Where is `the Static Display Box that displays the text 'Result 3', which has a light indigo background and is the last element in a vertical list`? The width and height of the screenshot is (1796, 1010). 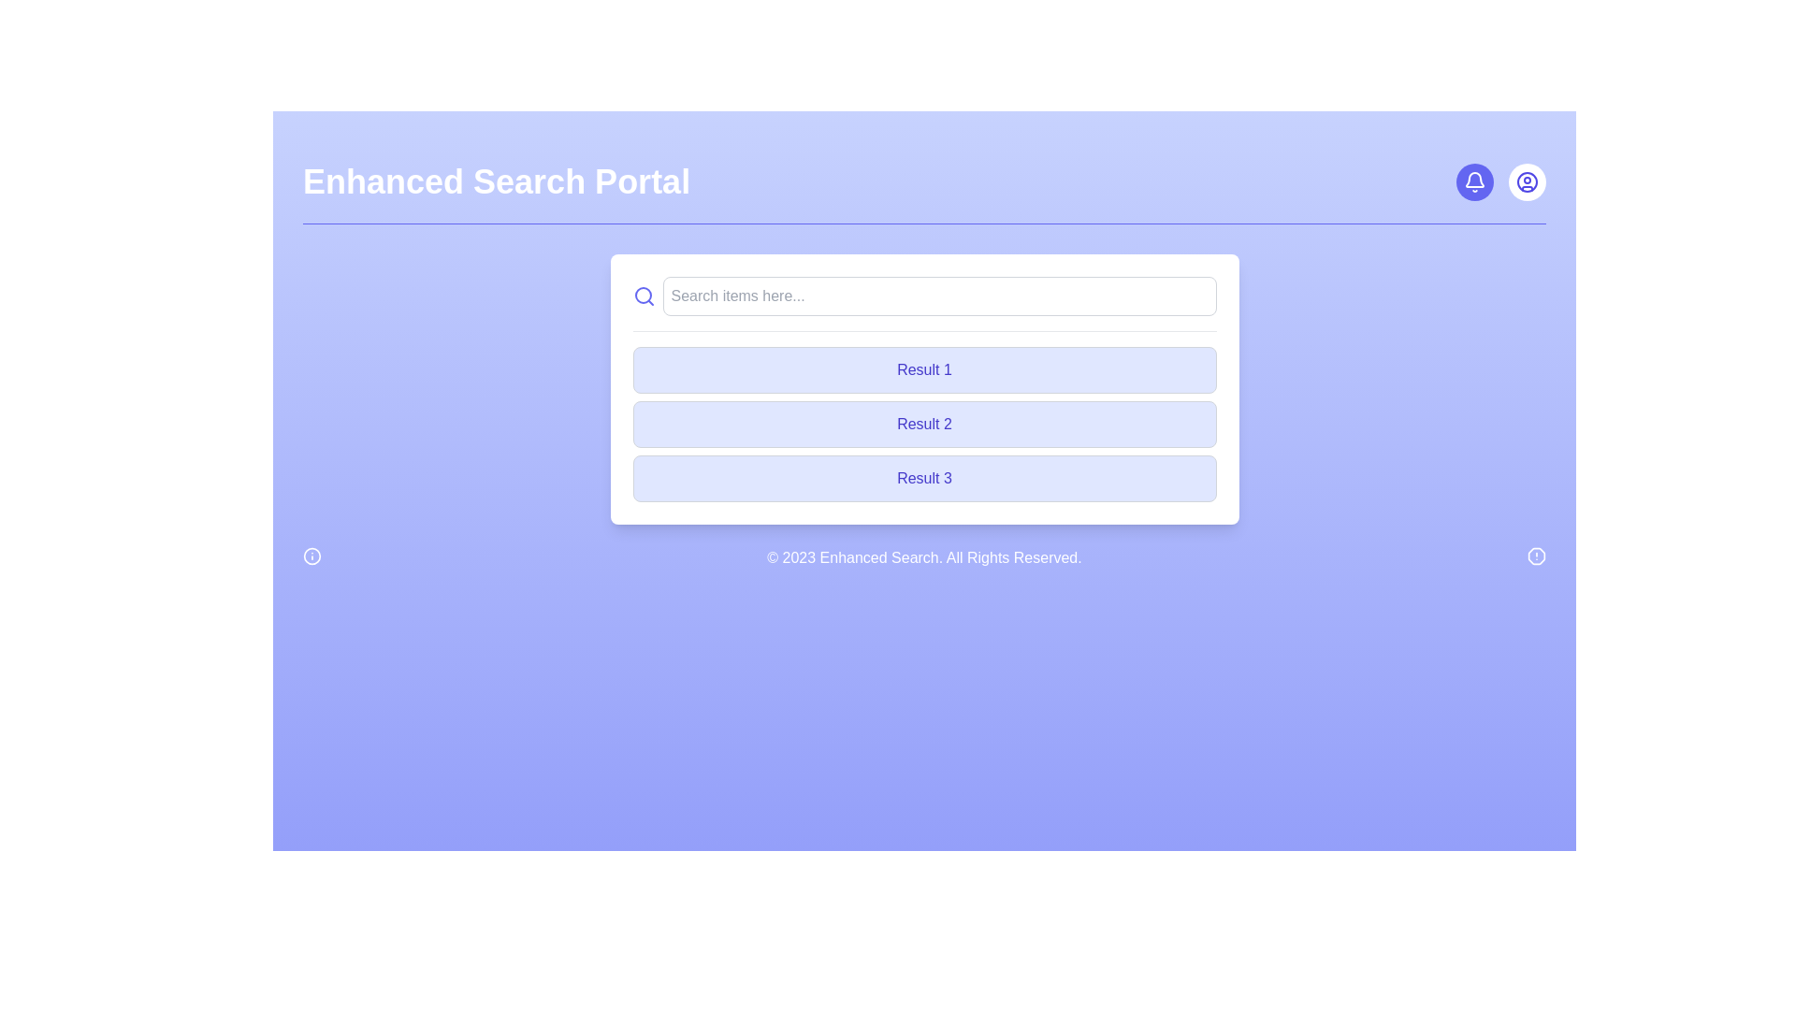 the Static Display Box that displays the text 'Result 3', which has a light indigo background and is the last element in a vertical list is located at coordinates (924, 478).